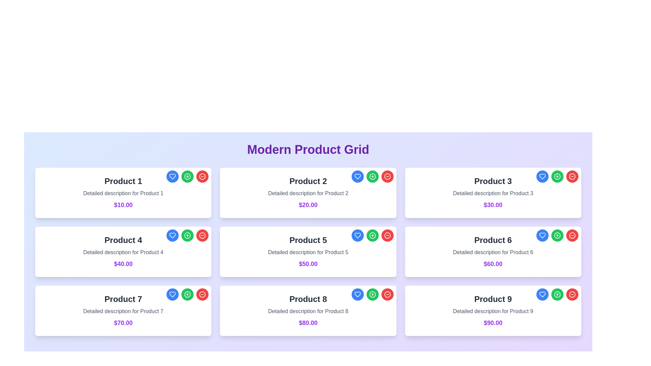  What do you see at coordinates (493, 240) in the screenshot?
I see `the Text label that serves as the title or identifier for 'Product 6', located at the top of its content box, centered within its card in the second row, third column of the product grid` at bounding box center [493, 240].